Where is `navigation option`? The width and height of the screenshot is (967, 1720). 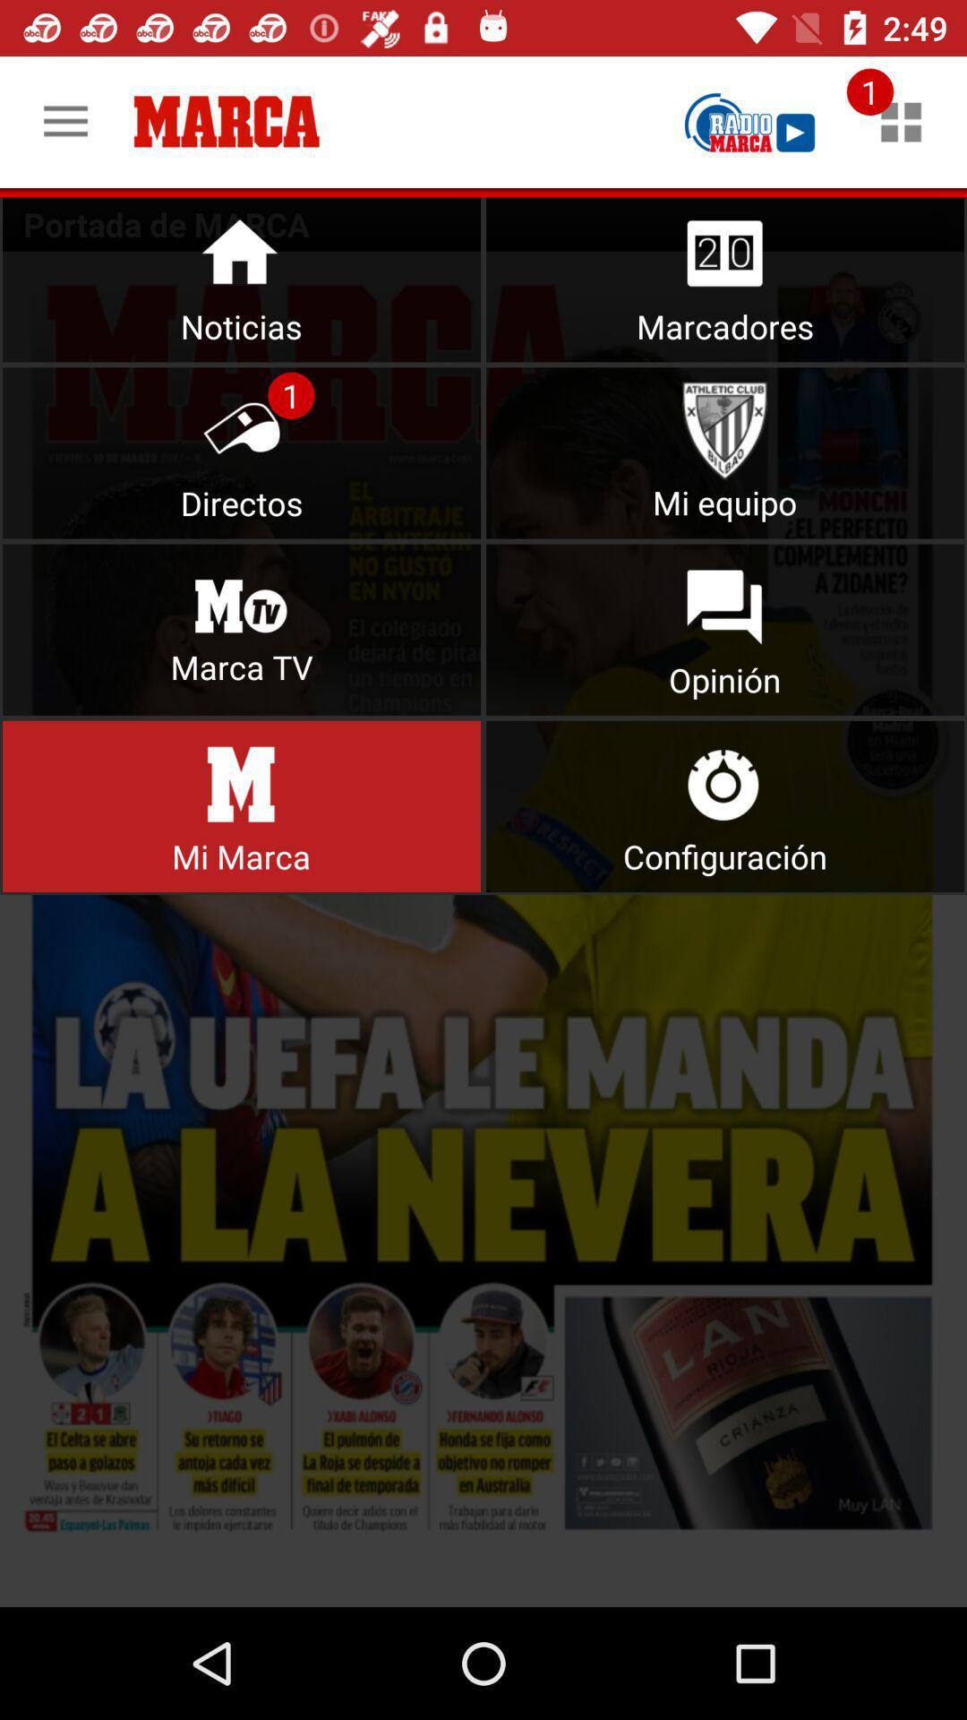
navigation option is located at coordinates (901, 121).